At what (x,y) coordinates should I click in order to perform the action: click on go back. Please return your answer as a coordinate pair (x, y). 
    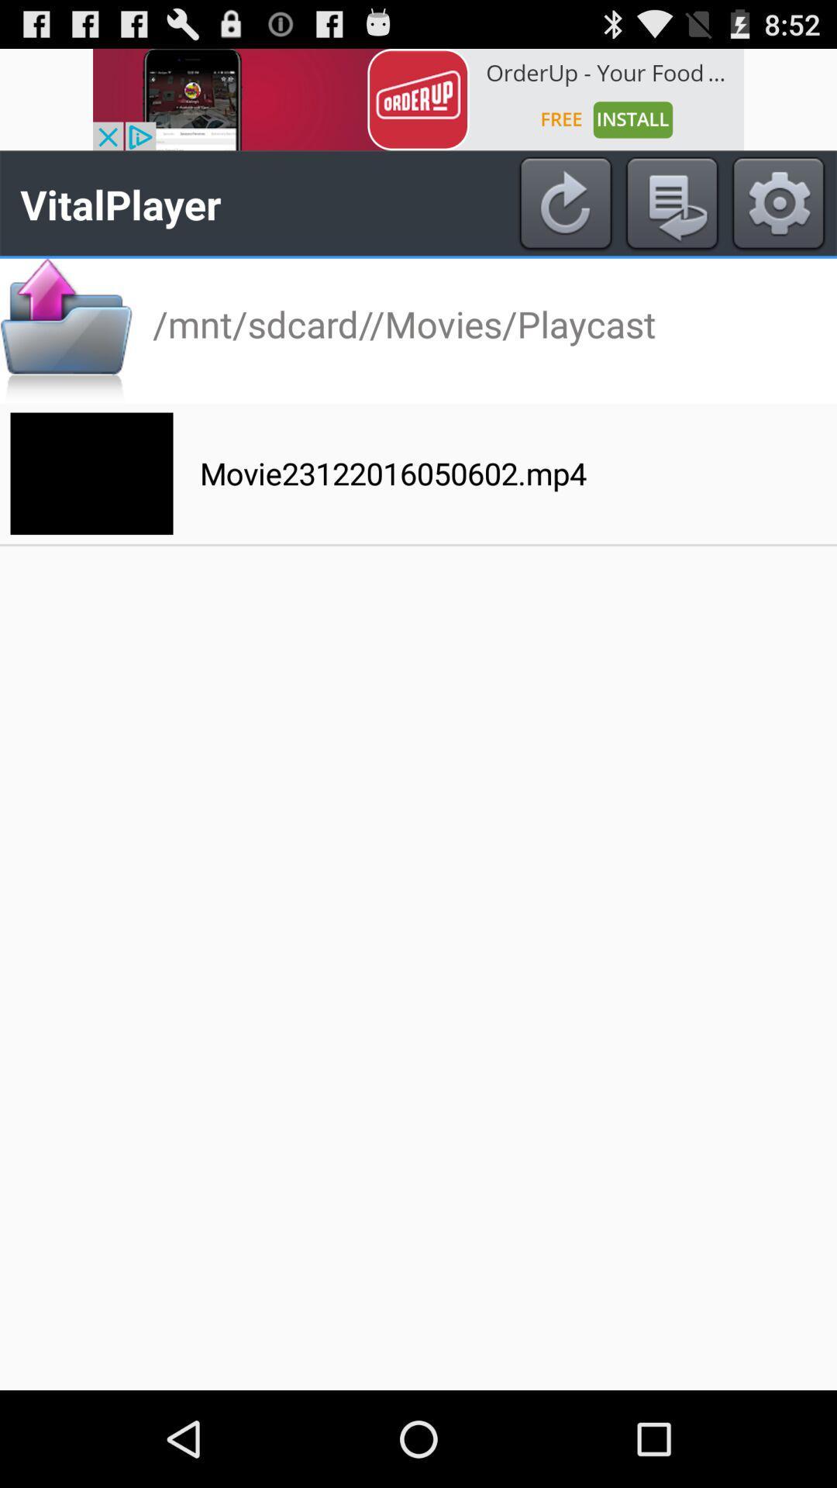
    Looking at the image, I should click on (671, 203).